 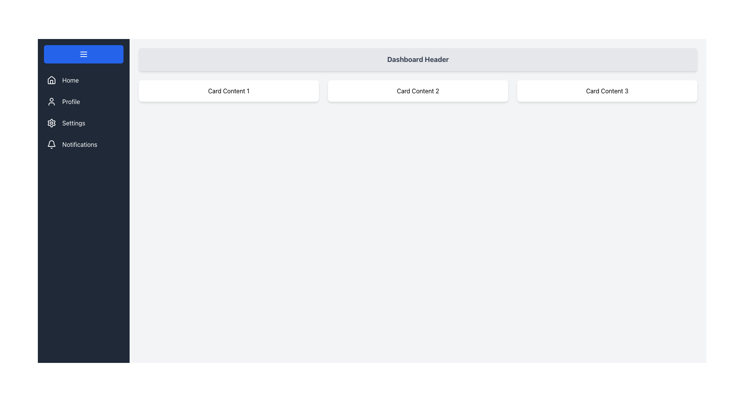 What do you see at coordinates (84, 101) in the screenshot?
I see `the 'Profile' menu item, which is the second item in the vertical navigation panel, positioned below 'Home' and above 'Settings'` at bounding box center [84, 101].